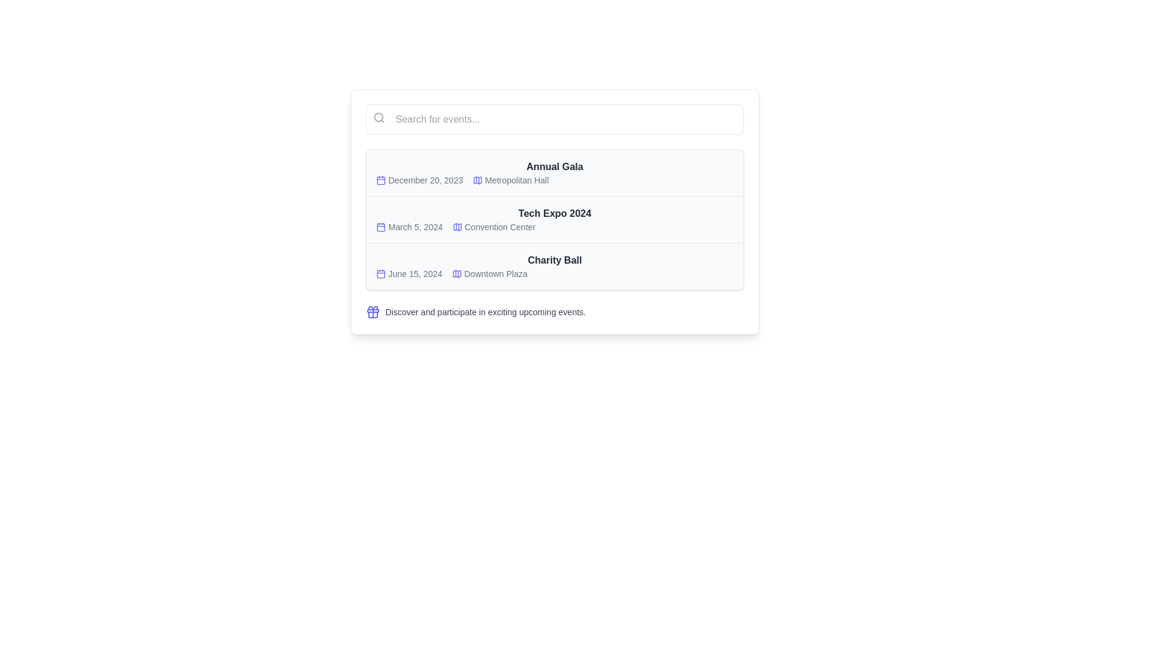  Describe the element at coordinates (554, 180) in the screenshot. I see `the details of the text line displaying the date 'December 20, 2023' and the location 'Metropolitan Hall', which is styled with grey-colored text and accompanied by blue icons` at that location.